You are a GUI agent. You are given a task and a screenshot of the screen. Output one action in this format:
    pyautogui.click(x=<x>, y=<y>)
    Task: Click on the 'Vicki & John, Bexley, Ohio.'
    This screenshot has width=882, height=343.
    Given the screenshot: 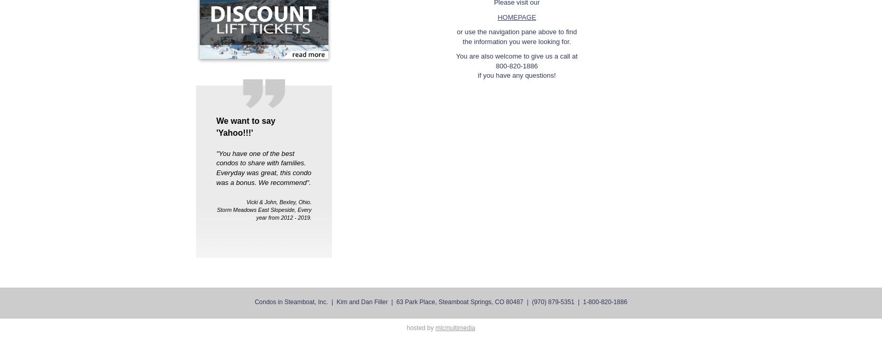 What is the action you would take?
    pyautogui.click(x=278, y=201)
    